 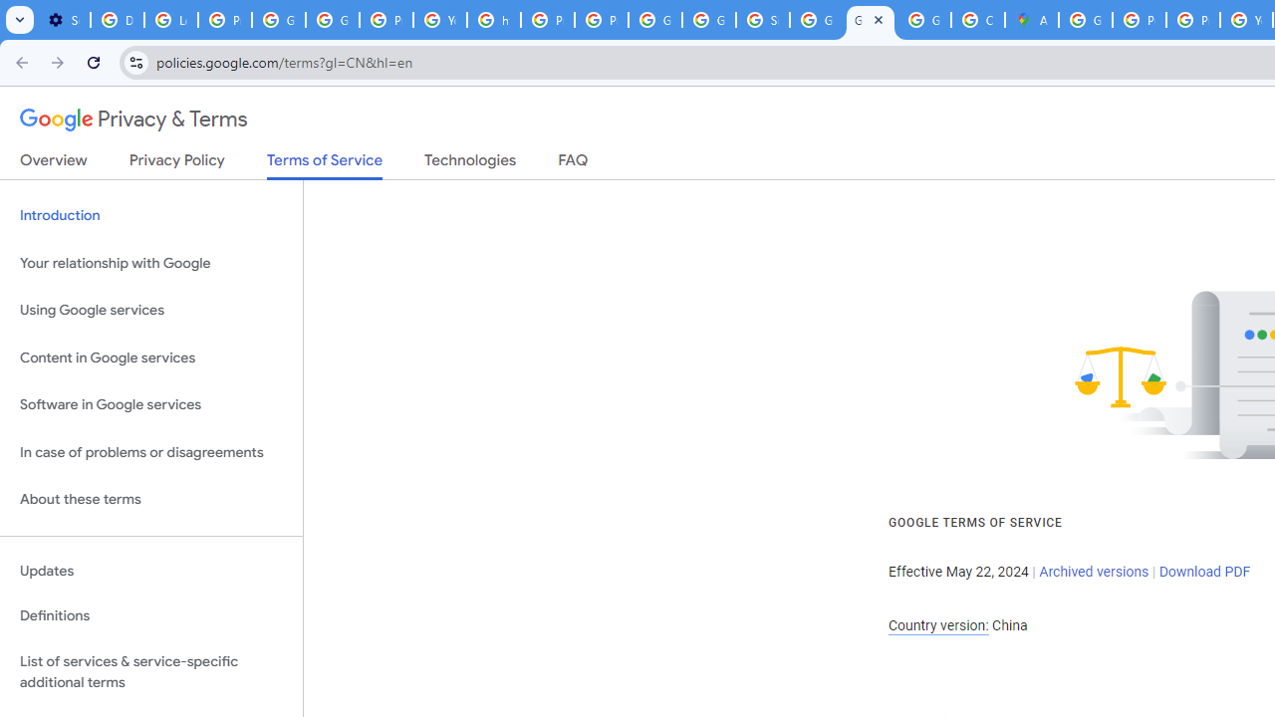 What do you see at coordinates (64, 20) in the screenshot?
I see `'Settings - On startup'` at bounding box center [64, 20].